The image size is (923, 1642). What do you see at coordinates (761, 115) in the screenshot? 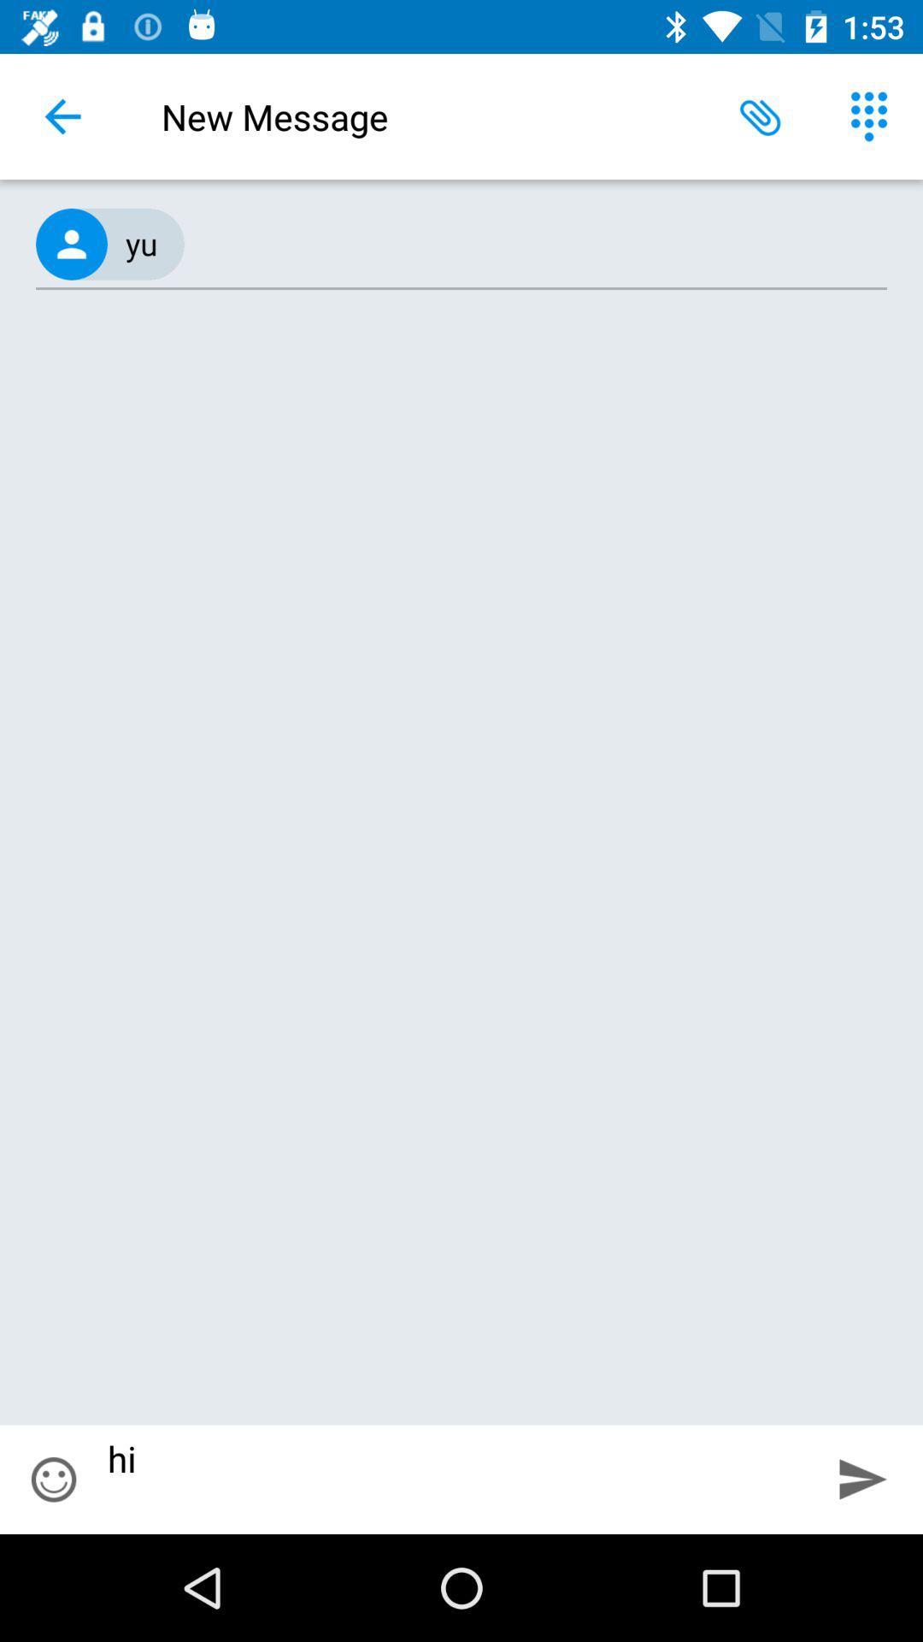
I see `the icon to the right of the new message icon` at bounding box center [761, 115].